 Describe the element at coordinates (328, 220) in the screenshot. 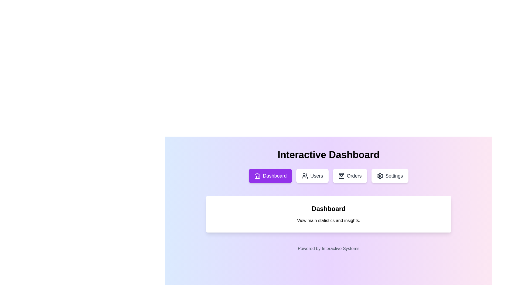

I see `the text label that reads 'View main statistics and insights.' located beneath the 'Dashboard' heading` at that location.